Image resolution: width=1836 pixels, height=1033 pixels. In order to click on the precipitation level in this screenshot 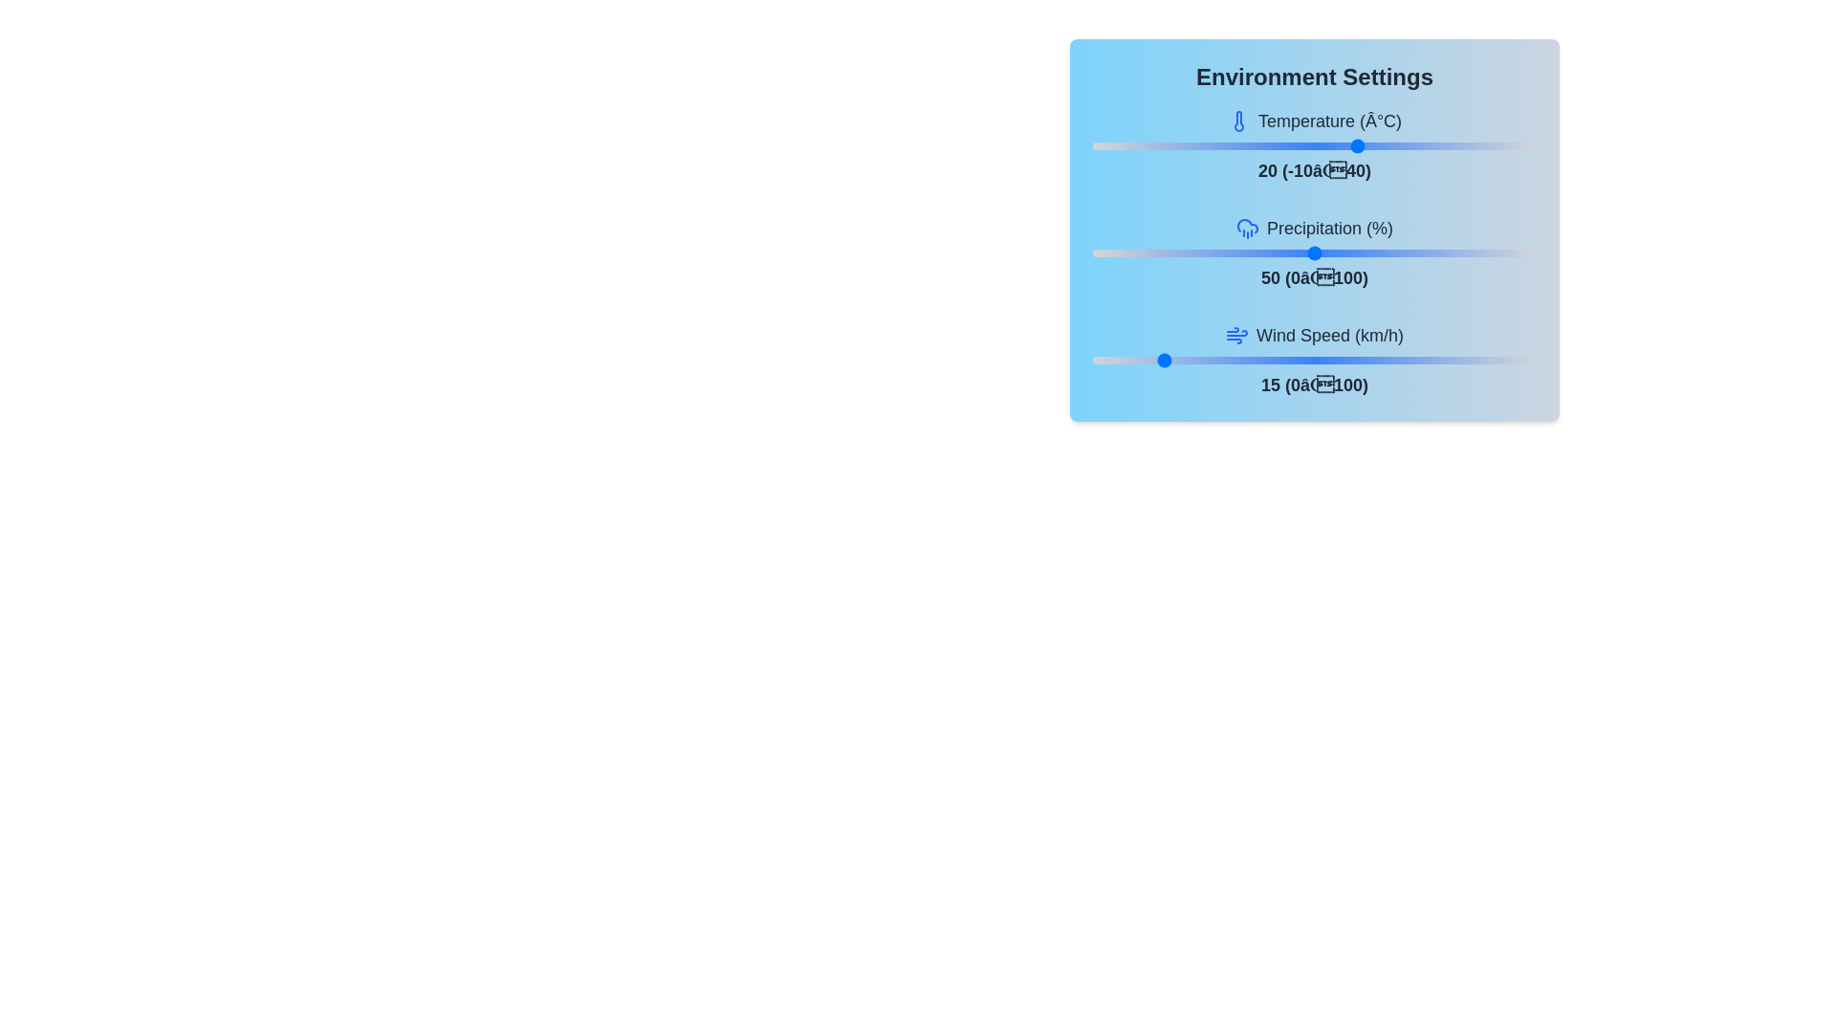, I will do `click(1105, 253)`.